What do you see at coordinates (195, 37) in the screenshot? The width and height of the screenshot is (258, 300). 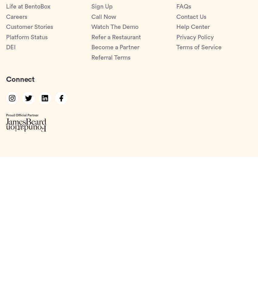 I see `'Privacy Policy'` at bounding box center [195, 37].